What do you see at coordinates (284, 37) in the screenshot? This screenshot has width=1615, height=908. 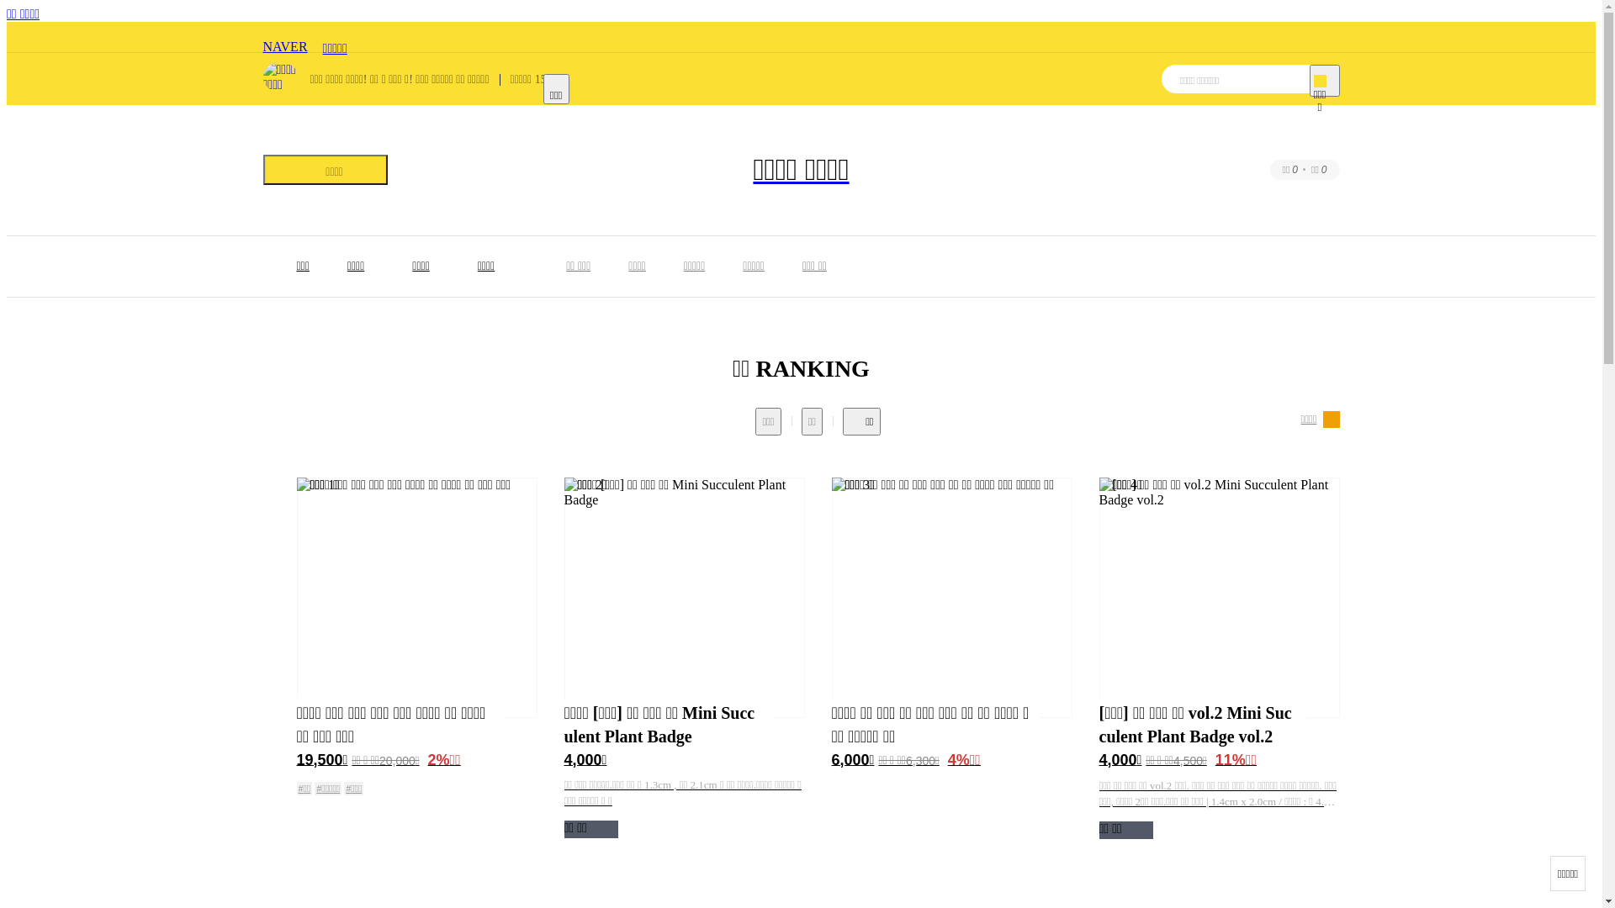 I see `'NAVER'` at bounding box center [284, 37].